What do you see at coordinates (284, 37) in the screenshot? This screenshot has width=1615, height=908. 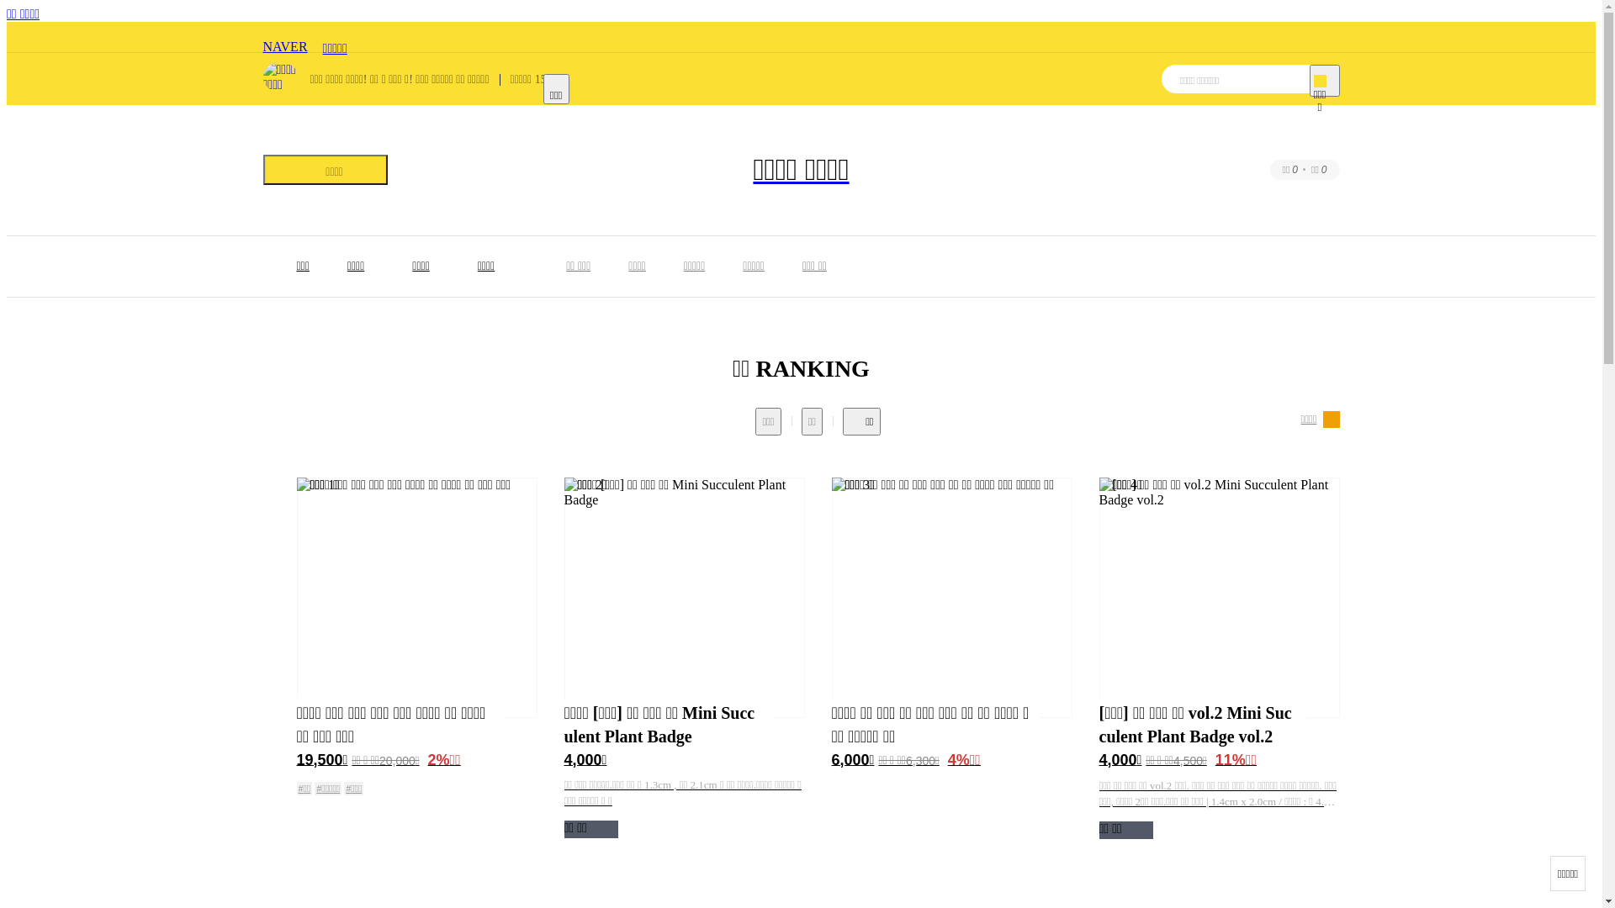 I see `'NAVER'` at bounding box center [284, 37].